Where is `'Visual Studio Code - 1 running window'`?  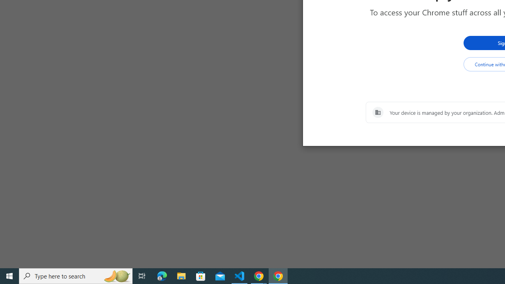 'Visual Studio Code - 1 running window' is located at coordinates (239, 275).